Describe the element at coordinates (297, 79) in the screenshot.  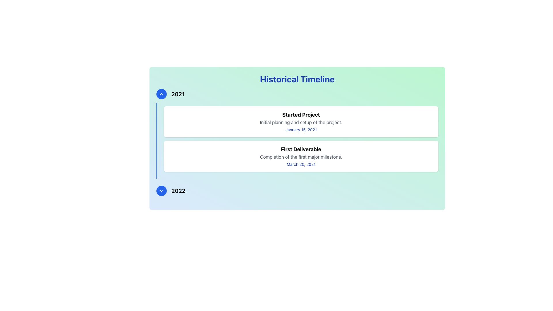
I see `text from the heading text label located at the top of the section with a gradient background, serving as the title for historical events or milestones` at that location.